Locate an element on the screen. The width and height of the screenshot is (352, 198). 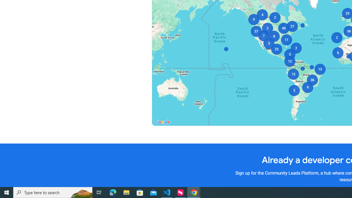
'23' is located at coordinates (277, 49).